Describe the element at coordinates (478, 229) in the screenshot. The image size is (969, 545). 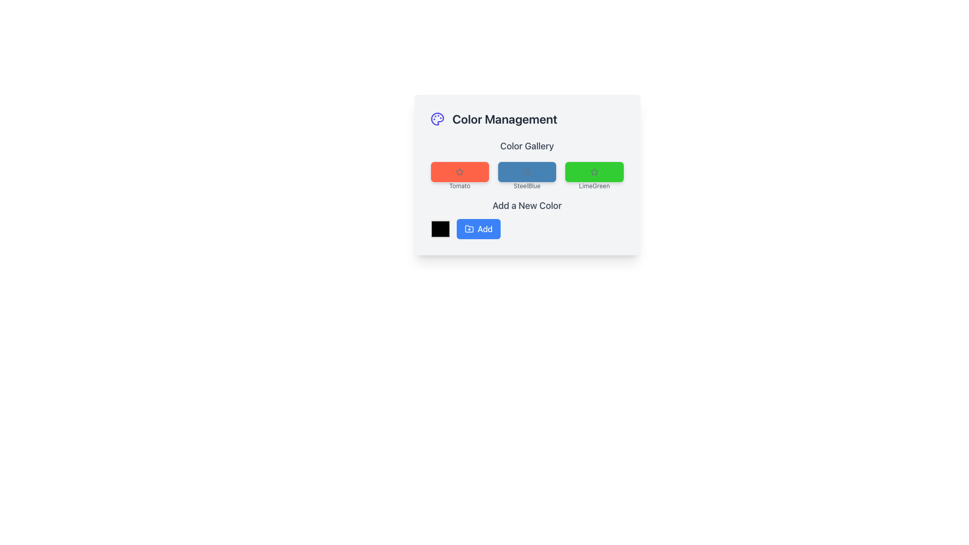
I see `the button for adding items, located to the right of a black color square and below the 'Add a New Color' label` at that location.